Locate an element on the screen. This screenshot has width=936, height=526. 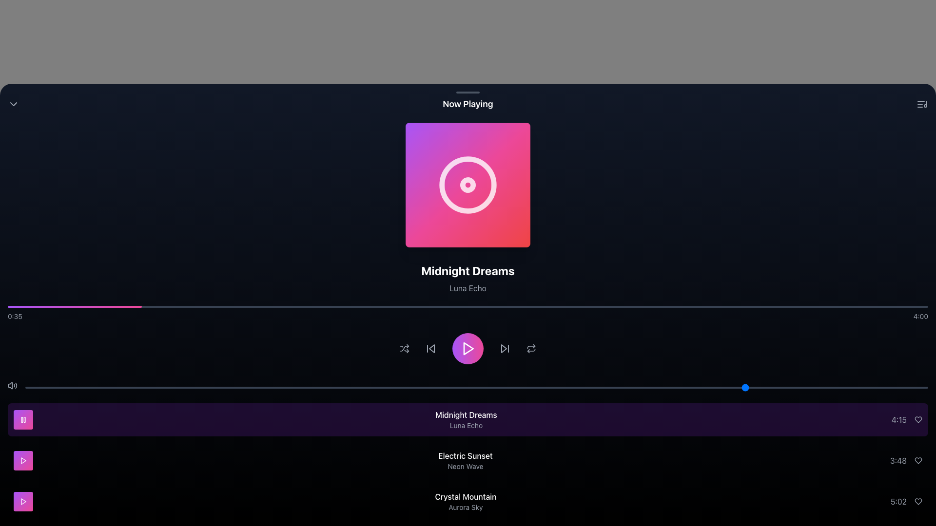
the progress bar that visually represents the progress of a media file, located centrally below the album information and above playback controls is located at coordinates (468, 306).